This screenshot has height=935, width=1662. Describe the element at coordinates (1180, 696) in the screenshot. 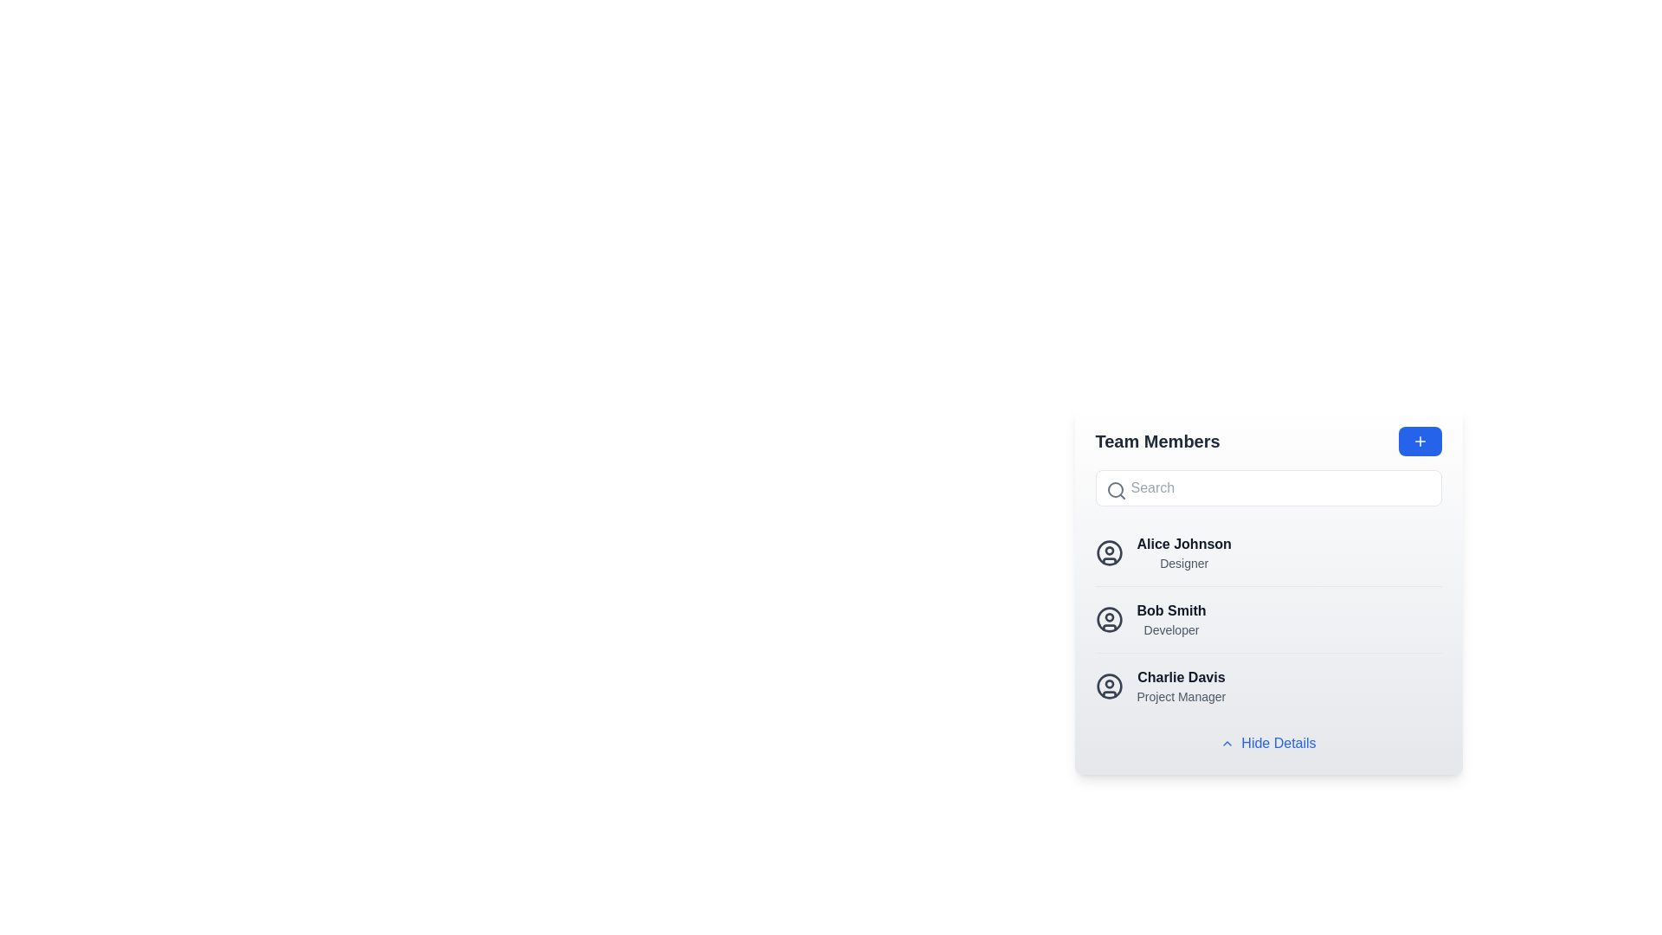

I see `the text label displaying 'Project Manager', which is styled in a small font size and gray color, located below the name 'Charlie Davis' in the 'Team Members' section` at that location.